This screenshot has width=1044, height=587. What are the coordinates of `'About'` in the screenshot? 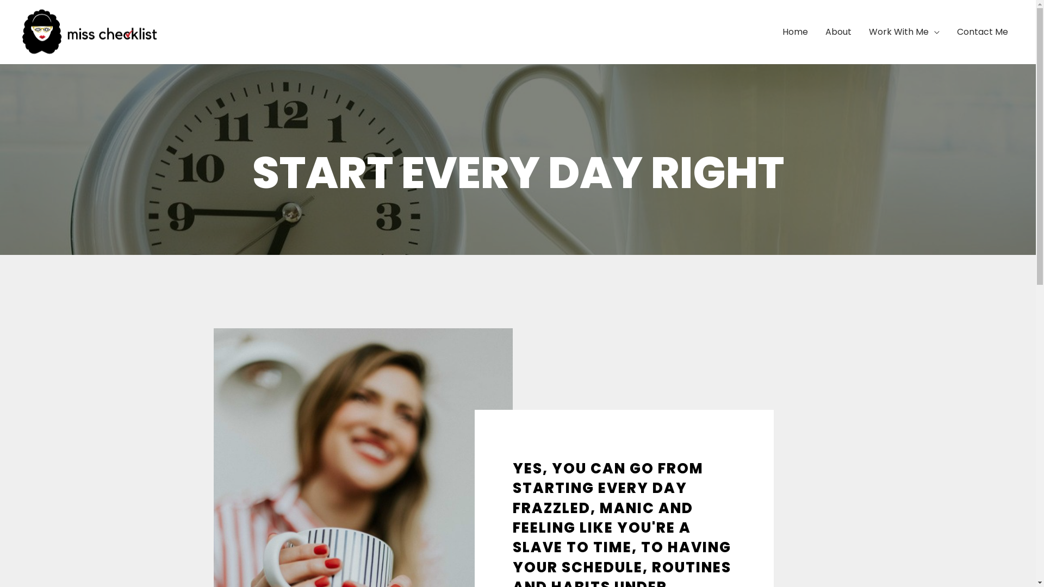 It's located at (837, 31).